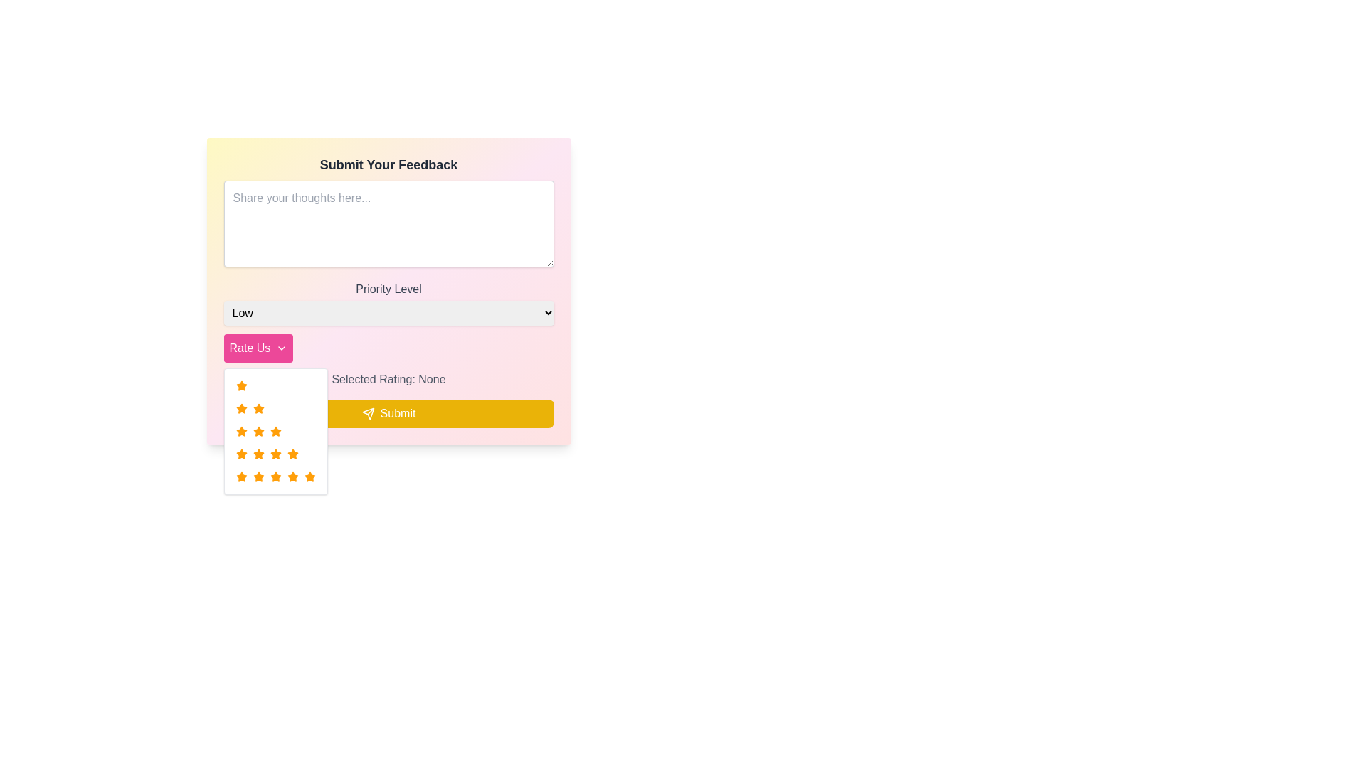 The image size is (1366, 768). I want to click on the sixth star icon in the second row of the star rating dropdown under the 'Rate Us' button, so click(292, 477).